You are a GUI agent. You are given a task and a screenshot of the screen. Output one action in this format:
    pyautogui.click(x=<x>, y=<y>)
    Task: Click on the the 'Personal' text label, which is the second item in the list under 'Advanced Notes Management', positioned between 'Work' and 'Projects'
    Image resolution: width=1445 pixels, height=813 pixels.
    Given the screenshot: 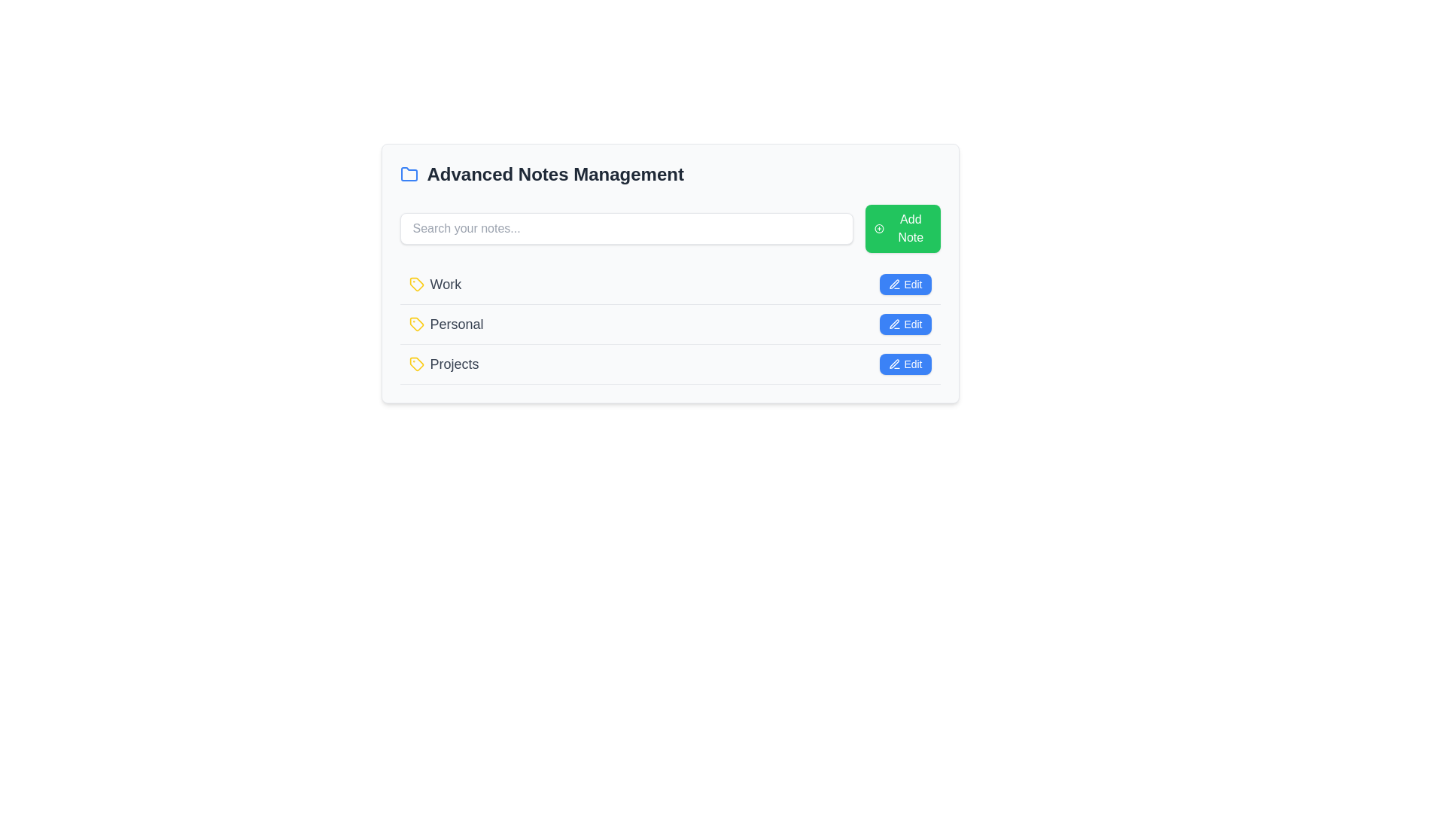 What is the action you would take?
    pyautogui.click(x=446, y=324)
    